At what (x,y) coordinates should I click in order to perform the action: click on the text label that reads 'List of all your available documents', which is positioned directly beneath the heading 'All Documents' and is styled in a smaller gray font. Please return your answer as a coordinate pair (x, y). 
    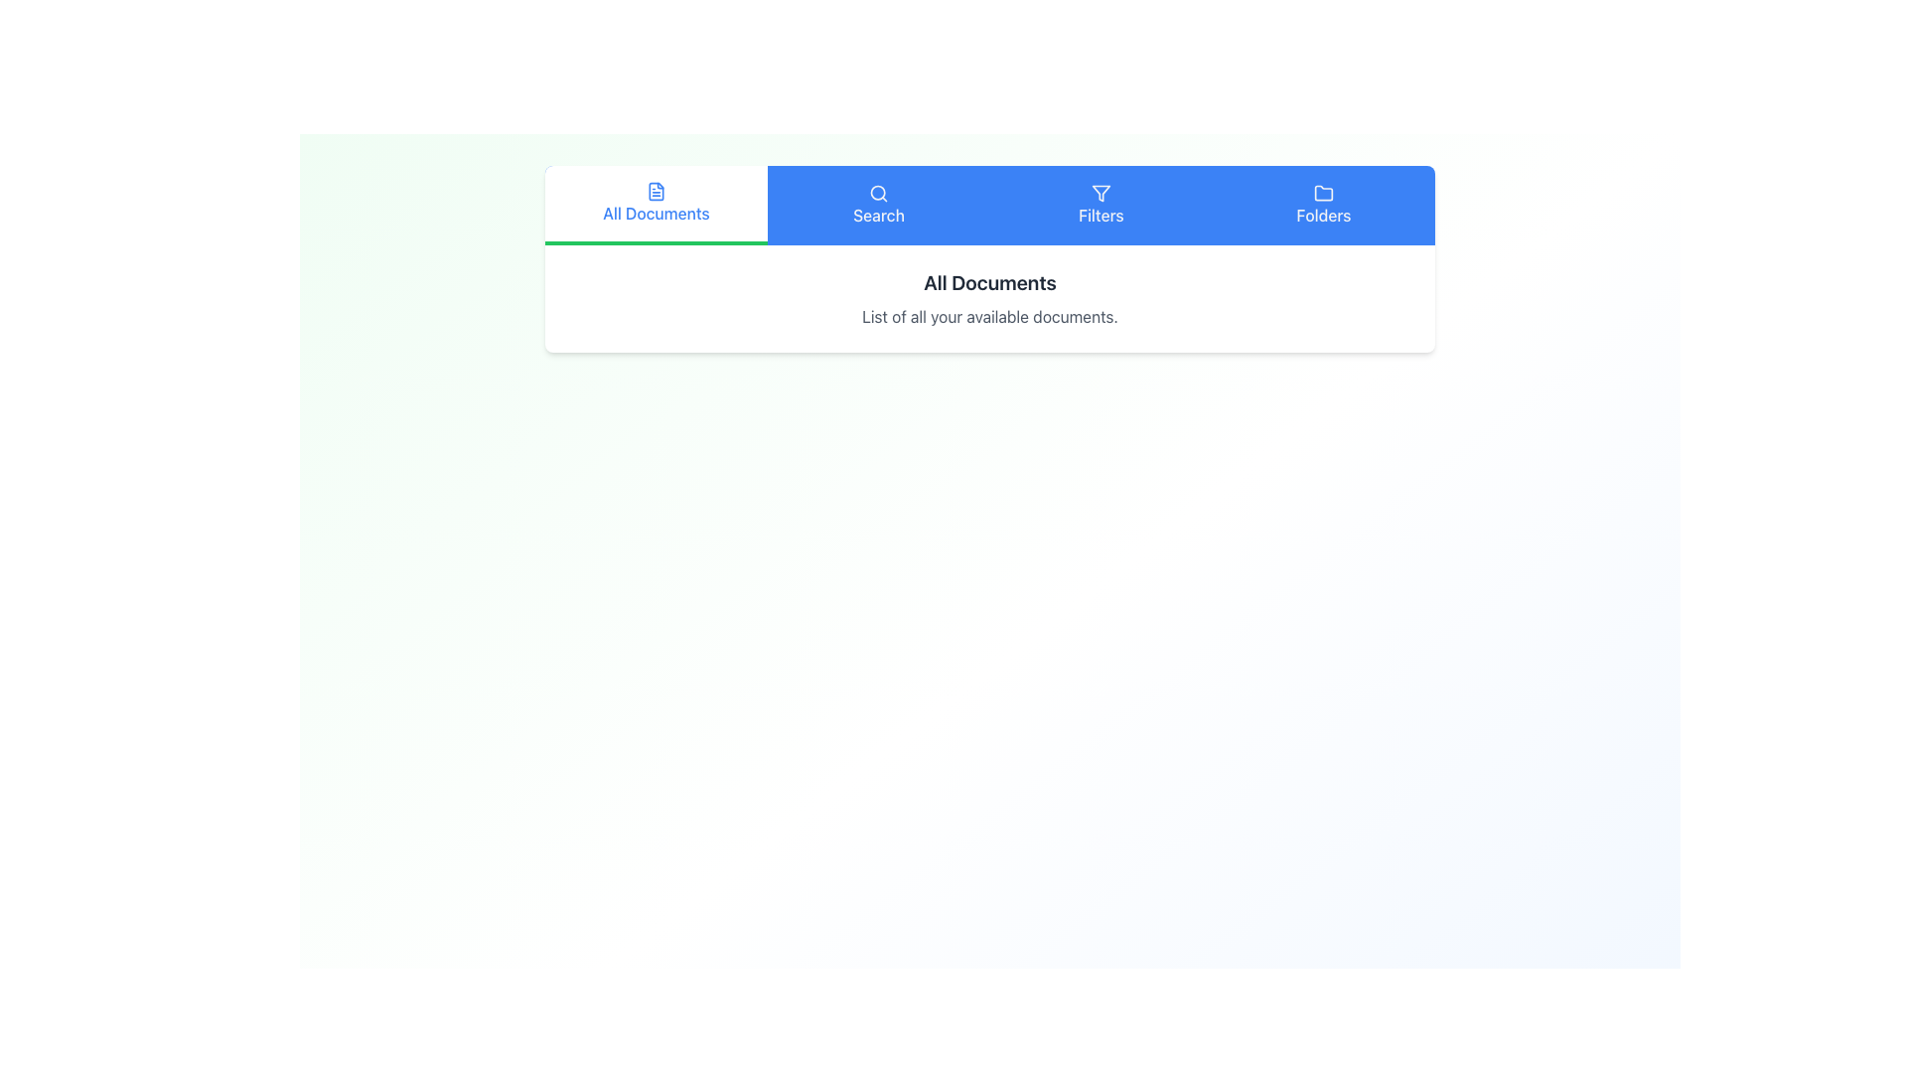
    Looking at the image, I should click on (990, 316).